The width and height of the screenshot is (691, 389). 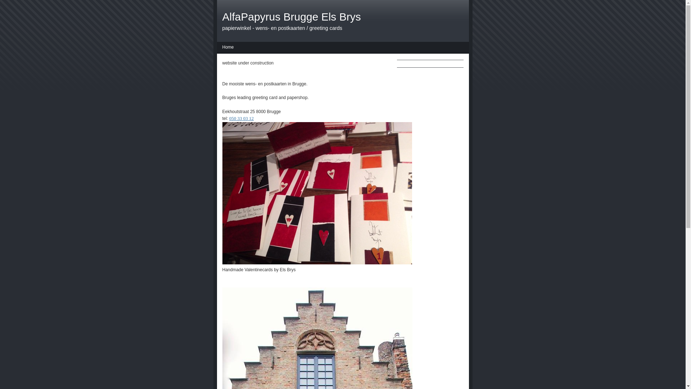 I want to click on 'Home', so click(x=227, y=48).